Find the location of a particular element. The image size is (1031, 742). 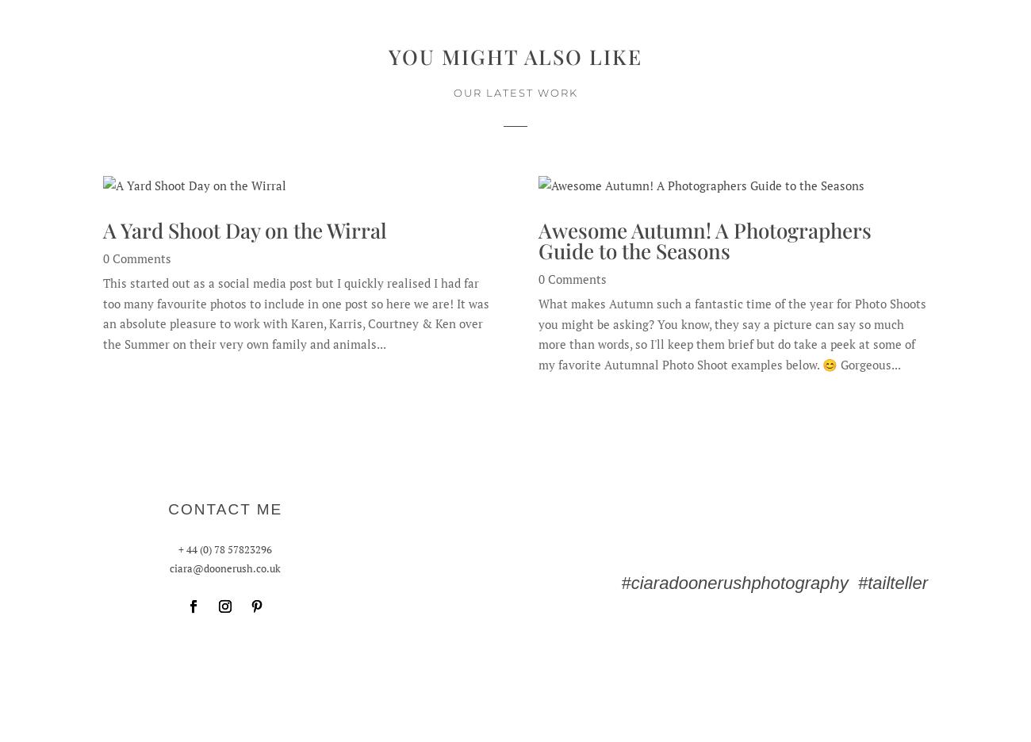

'OUR LATEST WORK' is located at coordinates (451, 92).